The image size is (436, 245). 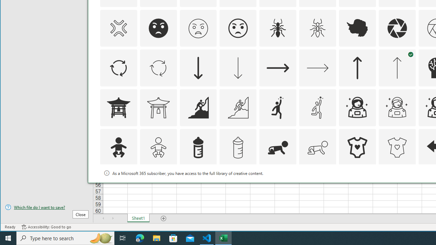 I want to click on 'AutomationID: Icons_Baby_M', so click(x=158, y=147).